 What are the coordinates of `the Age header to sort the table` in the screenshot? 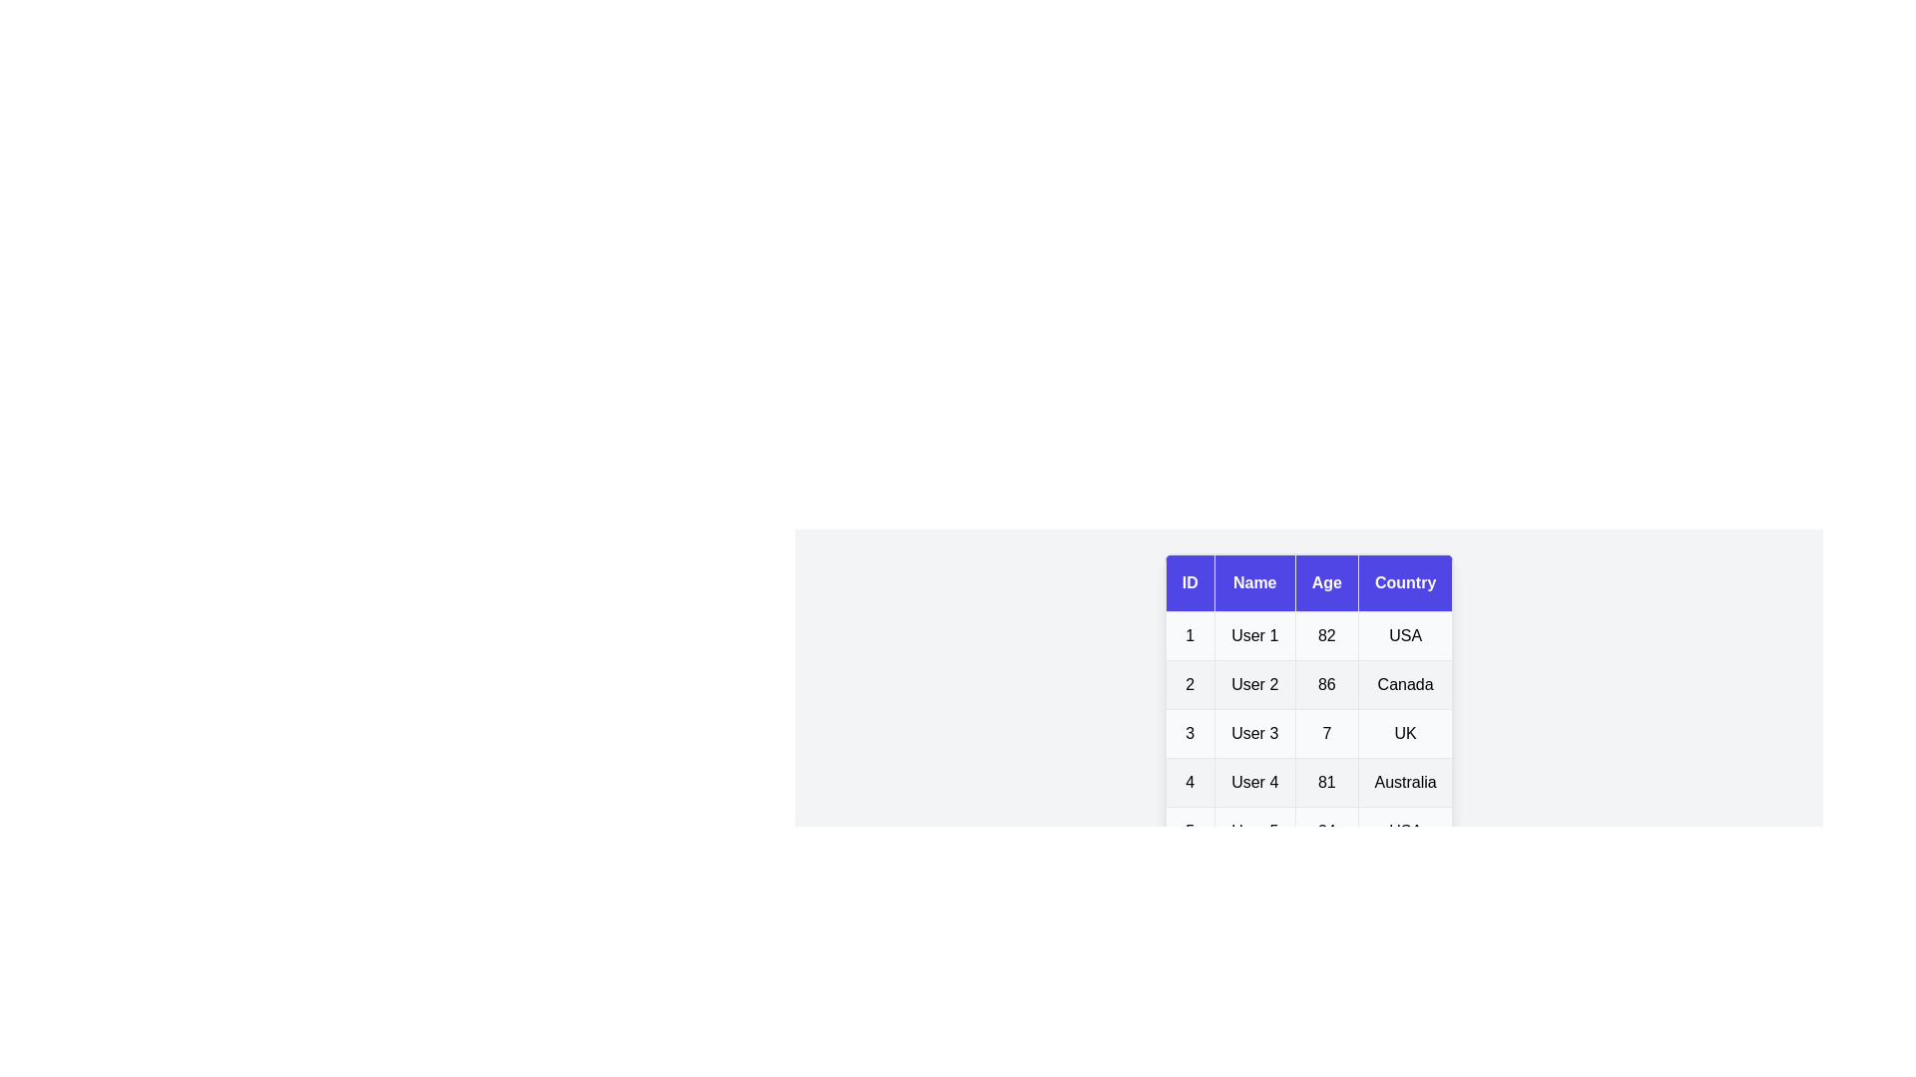 It's located at (1326, 583).